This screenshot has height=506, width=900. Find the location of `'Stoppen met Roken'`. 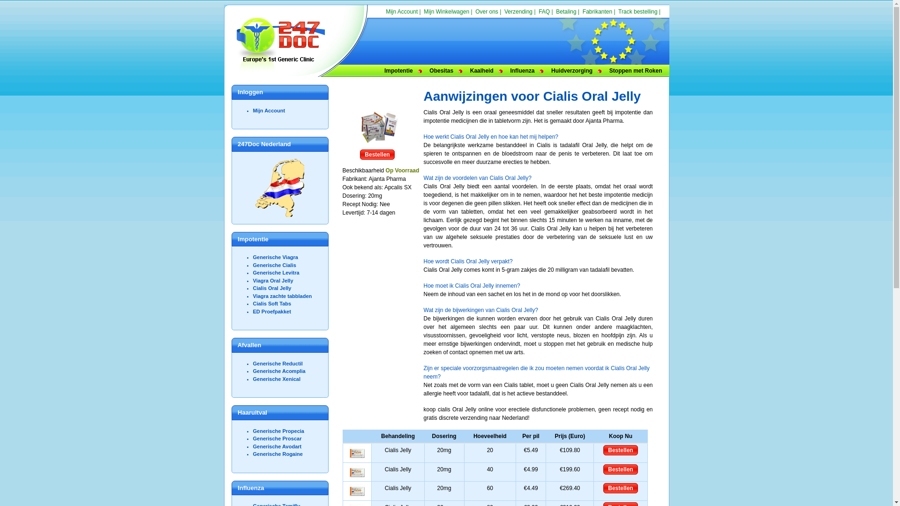

'Stoppen met Roken' is located at coordinates (636, 70).